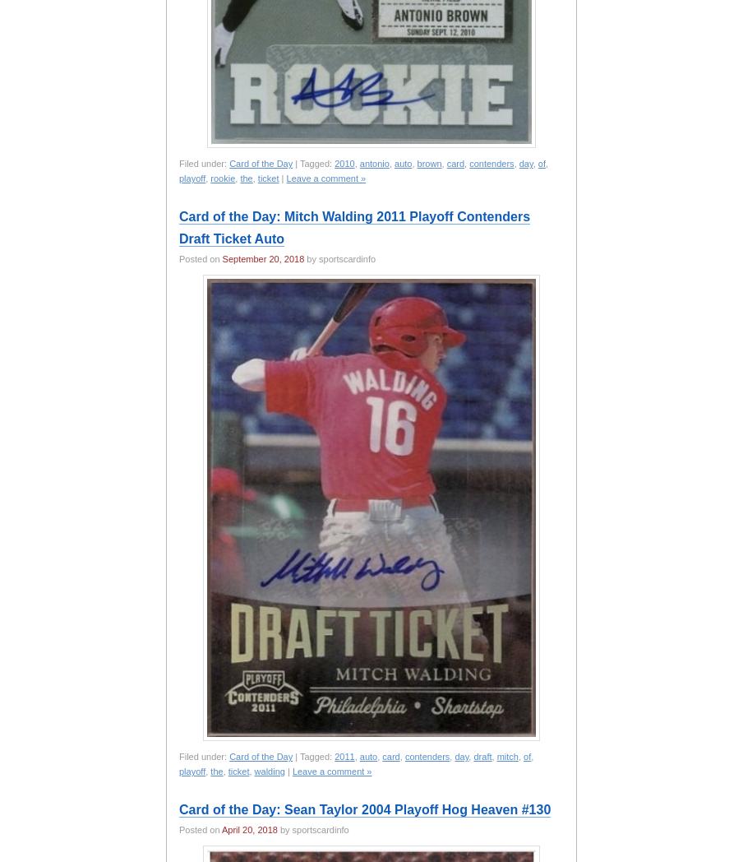 Image resolution: width=743 pixels, height=862 pixels. I want to click on 'mitch', so click(495, 757).